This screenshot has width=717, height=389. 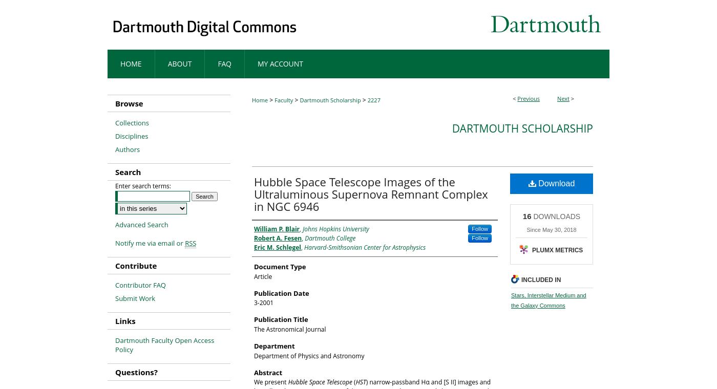 What do you see at coordinates (278, 237) in the screenshot?
I see `'Robert A. Fesen'` at bounding box center [278, 237].